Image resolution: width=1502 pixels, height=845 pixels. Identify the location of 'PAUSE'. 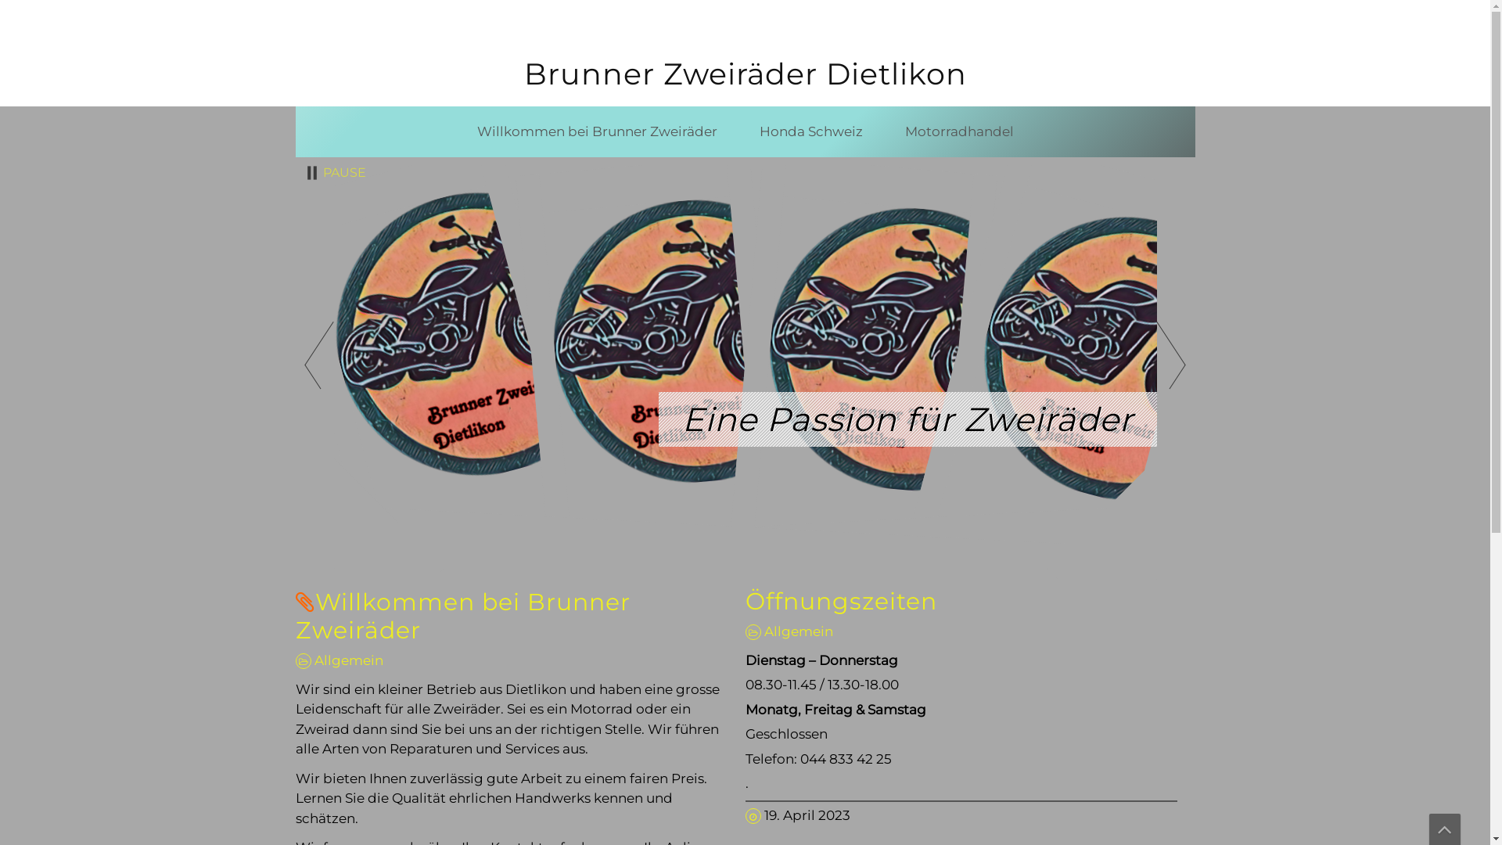
(334, 172).